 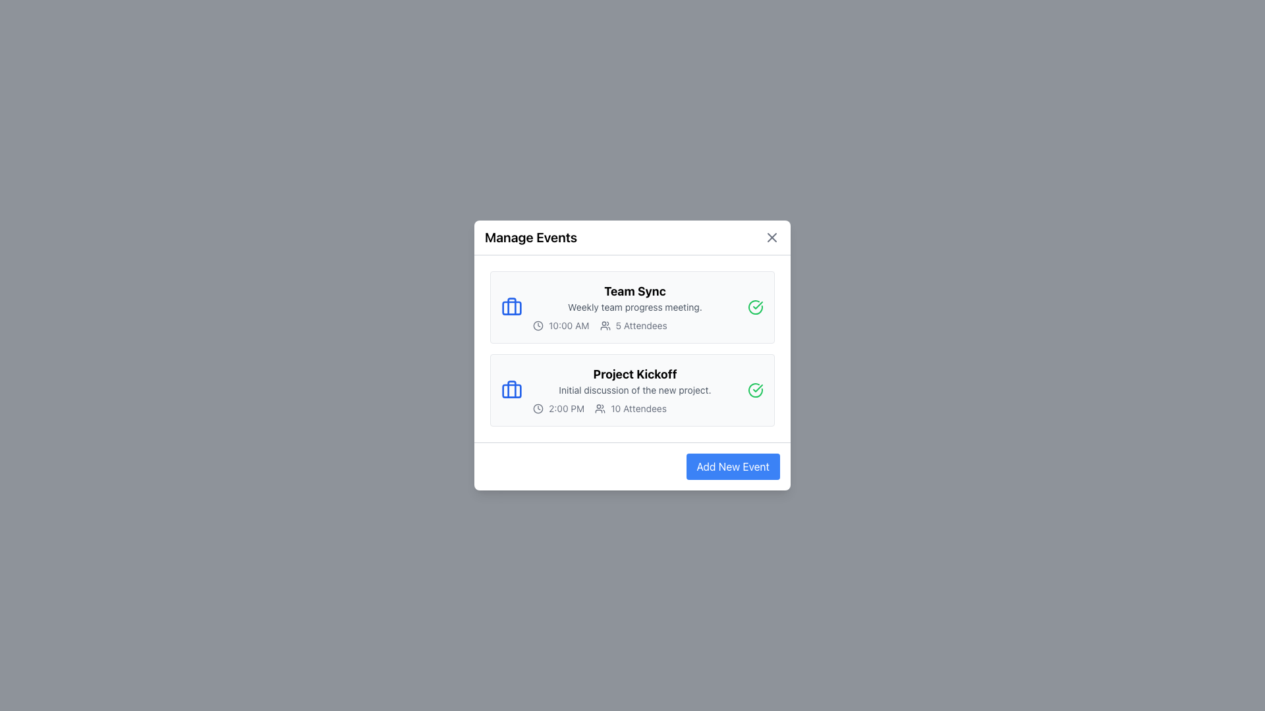 I want to click on the 'Team Sync' List Item Panel, which displays the title in bold, a subtitle in gray, and session details including time and attendees, so click(x=635, y=307).